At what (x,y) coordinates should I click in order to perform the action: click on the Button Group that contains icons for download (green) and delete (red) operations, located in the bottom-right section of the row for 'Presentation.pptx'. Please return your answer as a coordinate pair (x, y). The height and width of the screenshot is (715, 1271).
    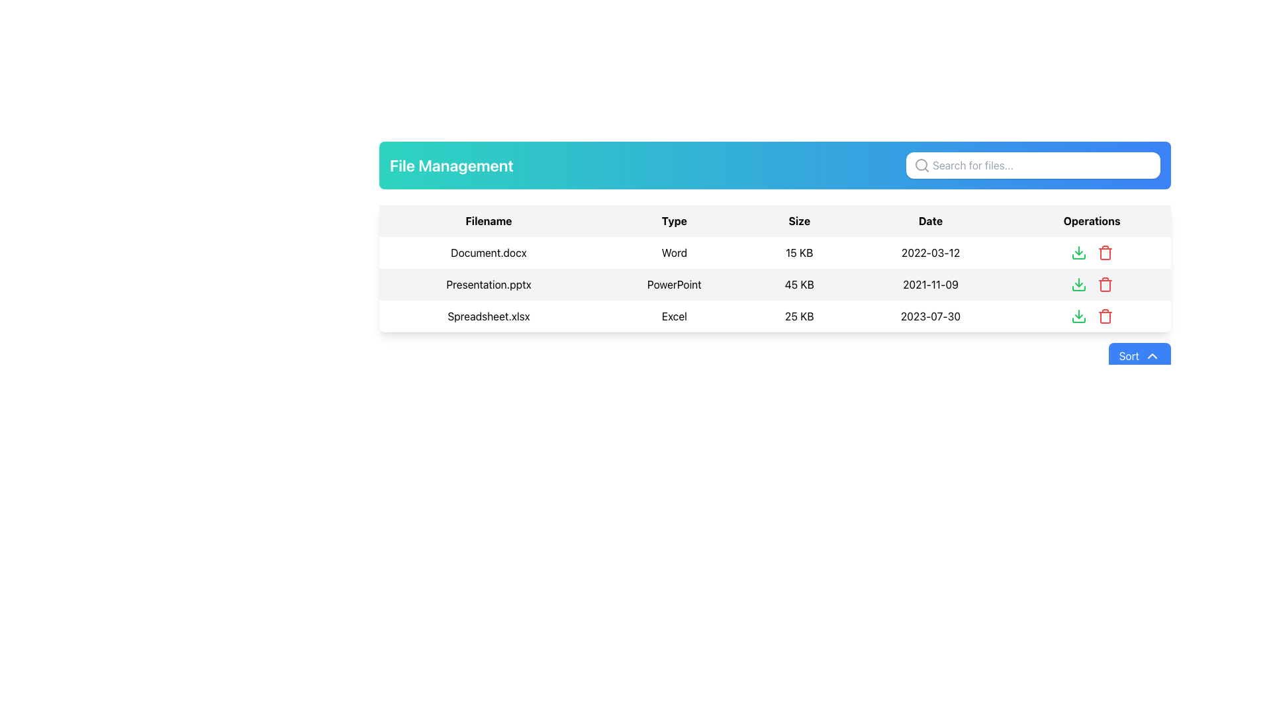
    Looking at the image, I should click on (1092, 283).